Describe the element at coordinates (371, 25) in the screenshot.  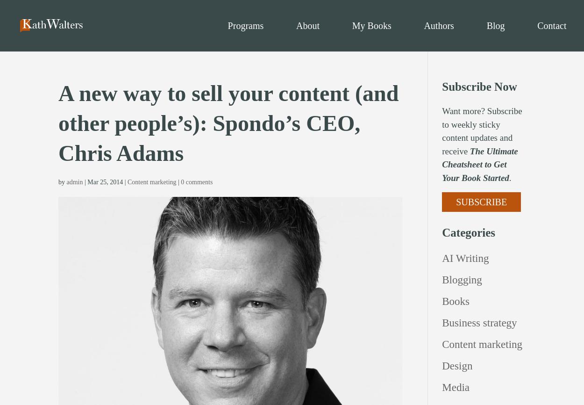
I see `'My Books'` at that location.